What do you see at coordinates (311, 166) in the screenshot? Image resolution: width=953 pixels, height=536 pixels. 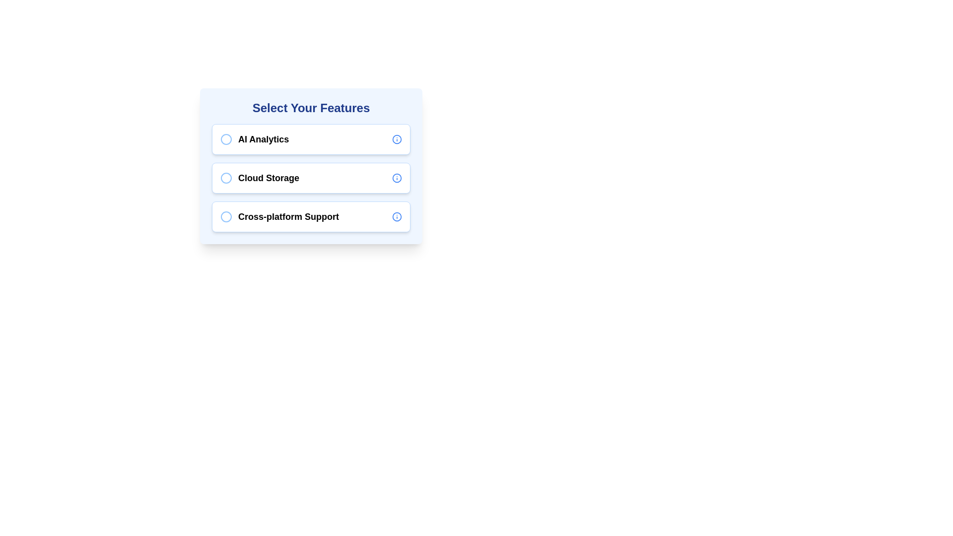 I see `the 'Cloud Storage' selectable feature item in the modal` at bounding box center [311, 166].